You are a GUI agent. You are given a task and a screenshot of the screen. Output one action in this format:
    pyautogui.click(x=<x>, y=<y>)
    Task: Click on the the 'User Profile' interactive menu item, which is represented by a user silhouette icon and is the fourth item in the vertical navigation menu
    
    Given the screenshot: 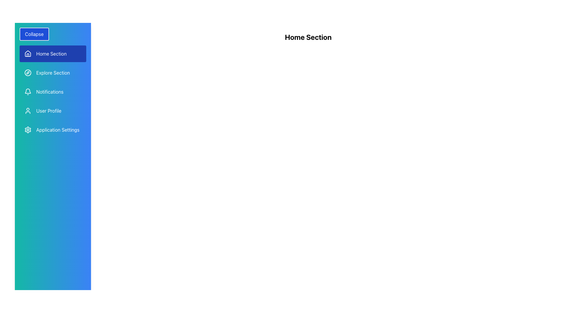 What is the action you would take?
    pyautogui.click(x=53, y=111)
    